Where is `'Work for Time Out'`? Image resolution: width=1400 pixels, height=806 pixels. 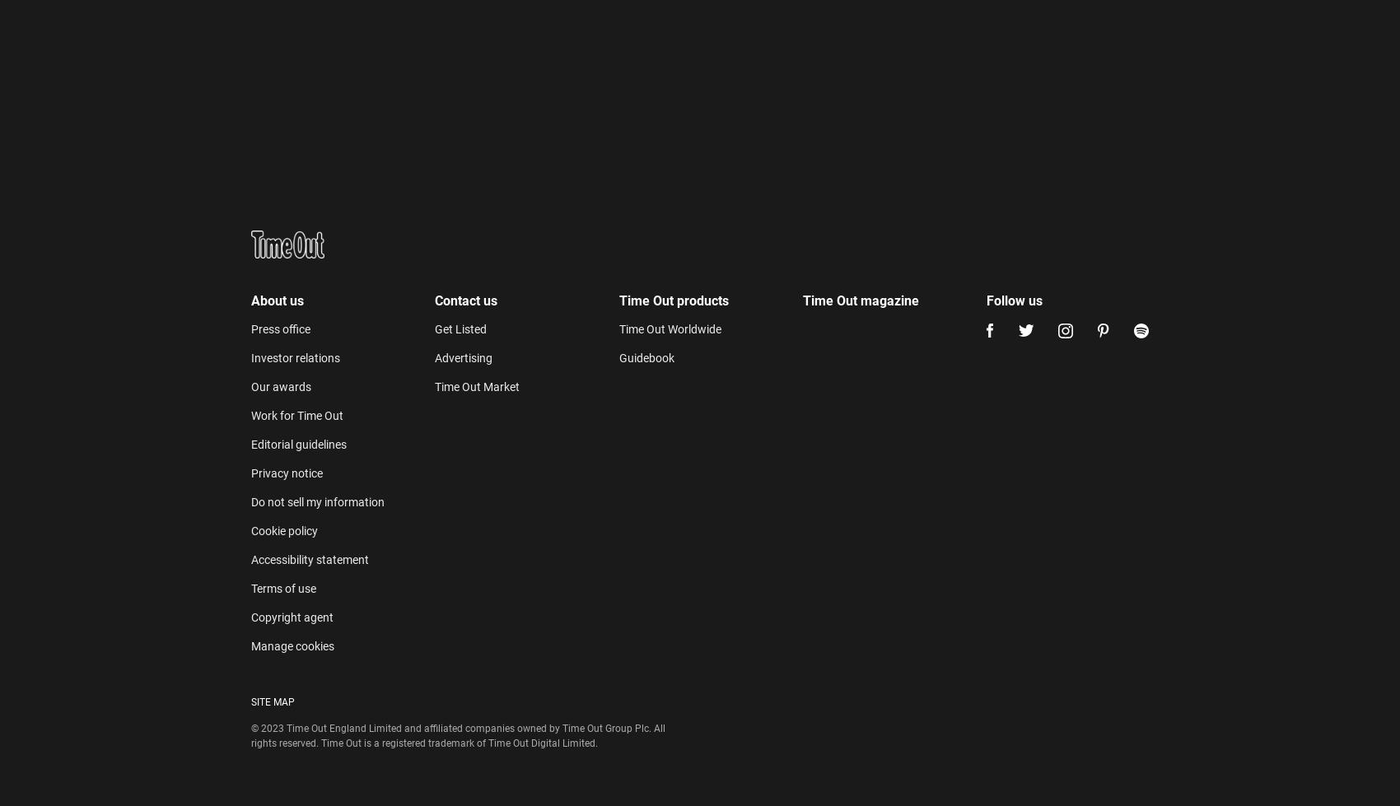
'Work for Time Out' is located at coordinates (296, 52).